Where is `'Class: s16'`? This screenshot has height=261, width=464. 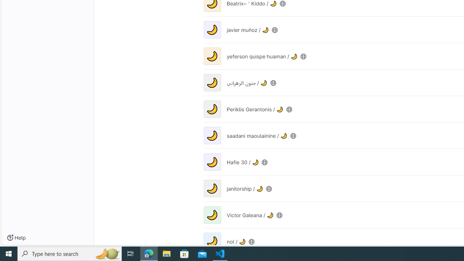 'Class: s16' is located at coordinates (252, 241).